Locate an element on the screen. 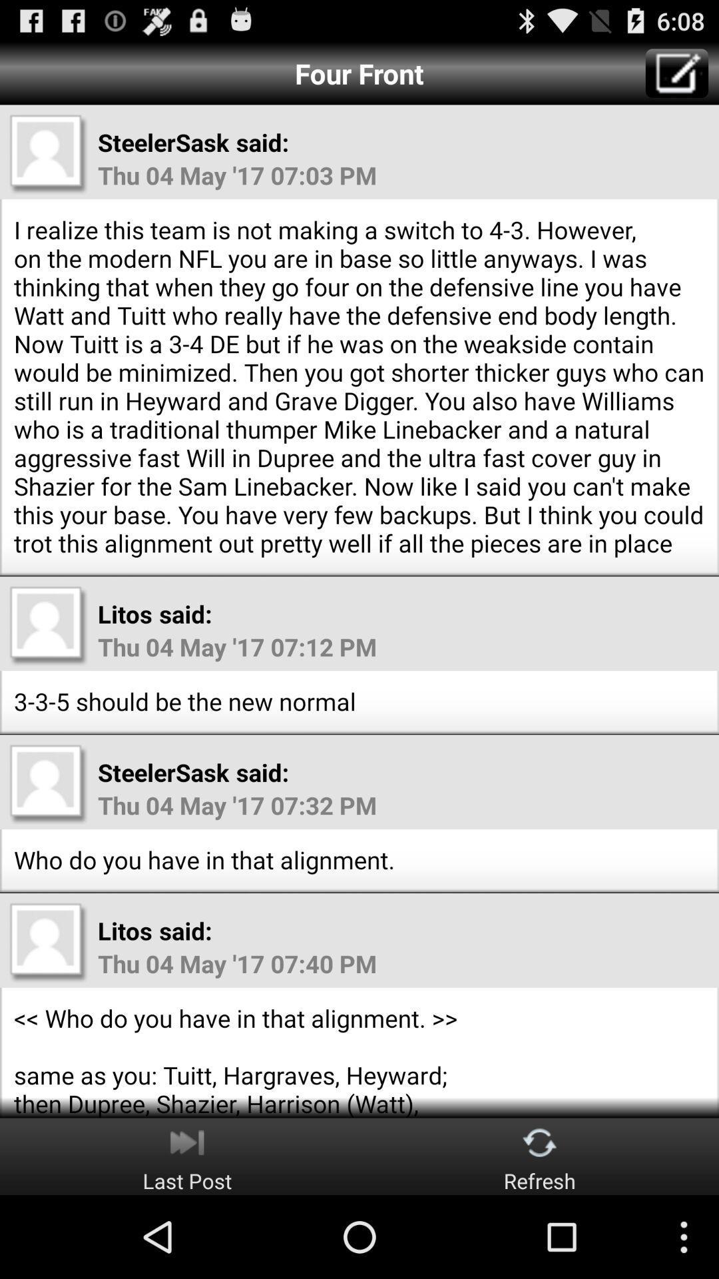 This screenshot has height=1279, width=719. the button to the right of last post is located at coordinates (540, 1156).